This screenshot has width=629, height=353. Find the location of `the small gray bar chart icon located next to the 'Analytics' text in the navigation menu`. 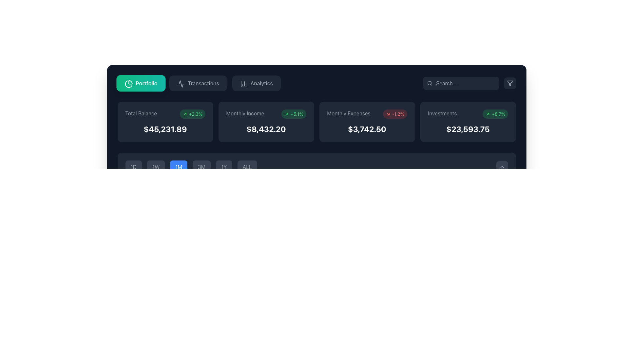

the small gray bar chart icon located next to the 'Analytics' text in the navigation menu is located at coordinates (243, 83).